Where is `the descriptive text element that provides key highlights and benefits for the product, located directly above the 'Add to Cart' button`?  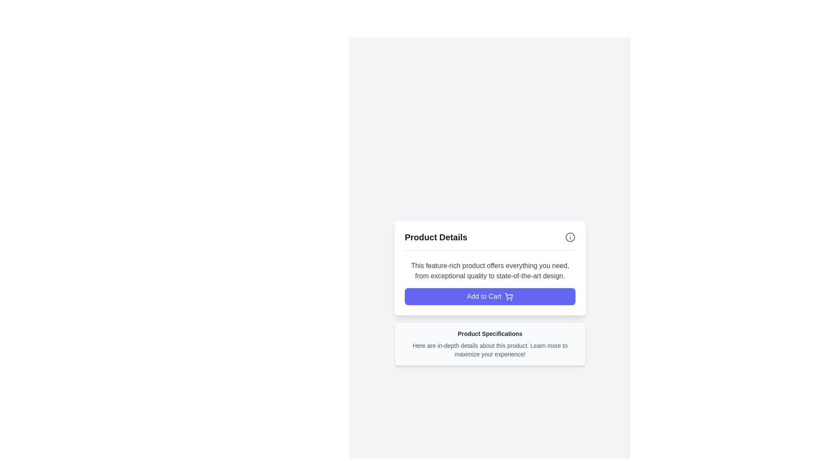 the descriptive text element that provides key highlights and benefits for the product, located directly above the 'Add to Cart' button is located at coordinates (490, 271).